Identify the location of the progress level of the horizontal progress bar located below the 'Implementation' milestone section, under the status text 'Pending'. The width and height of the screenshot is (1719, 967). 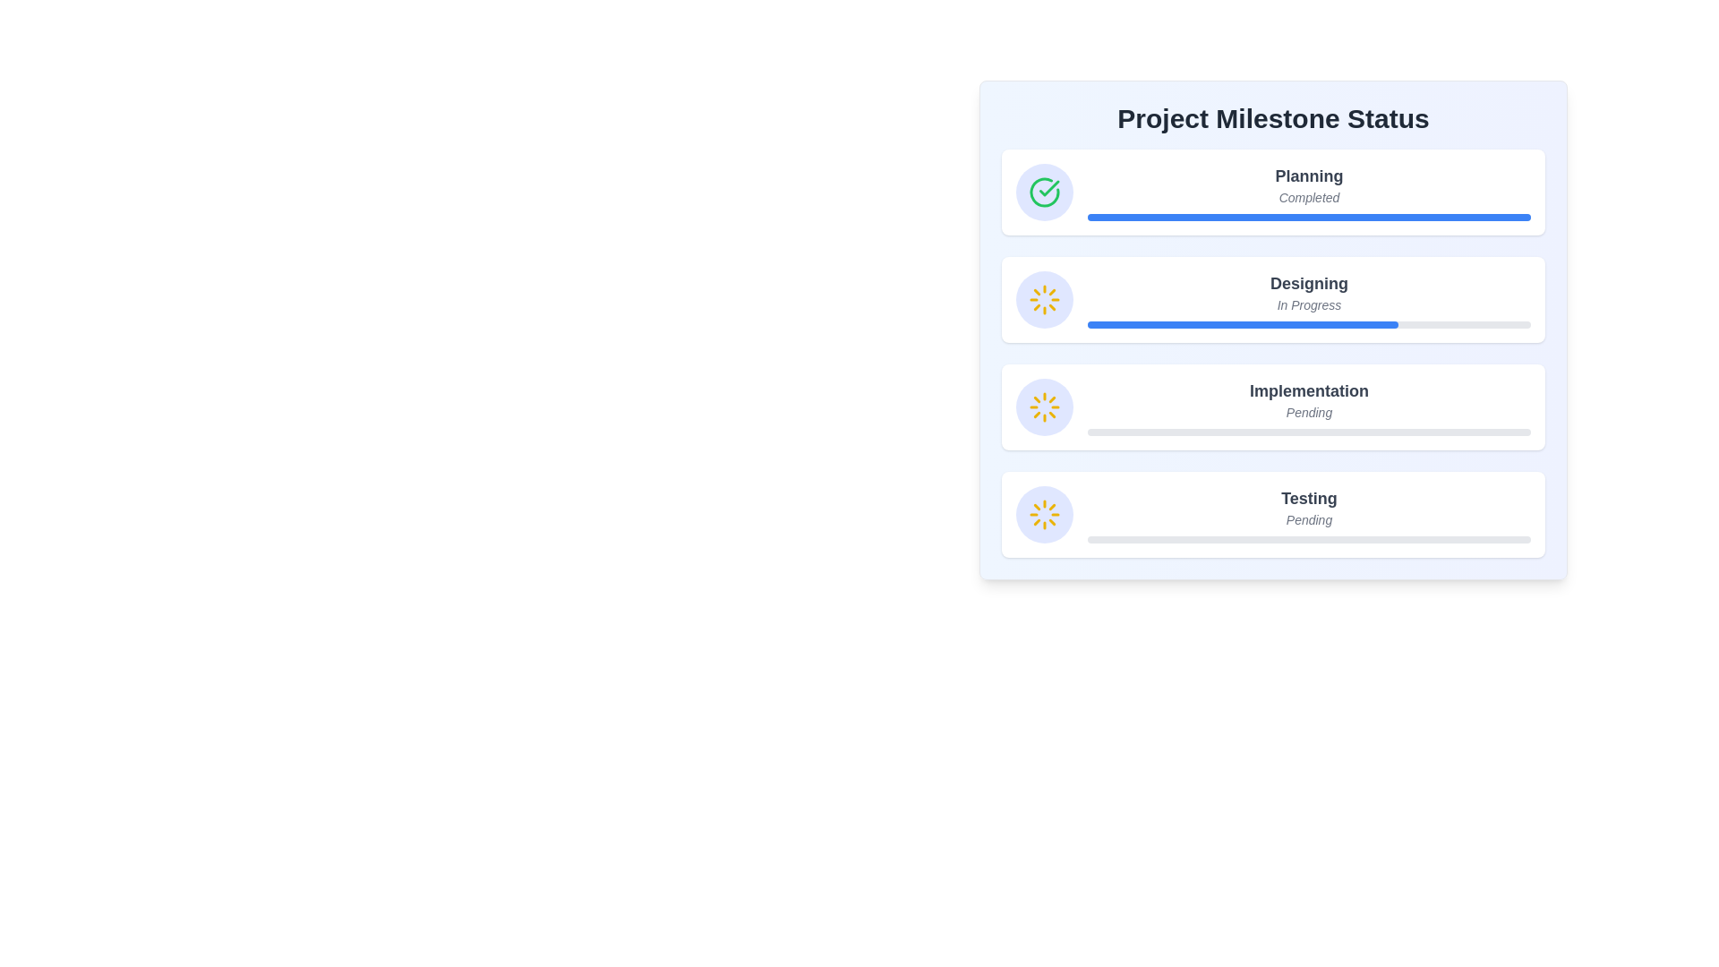
(1309, 432).